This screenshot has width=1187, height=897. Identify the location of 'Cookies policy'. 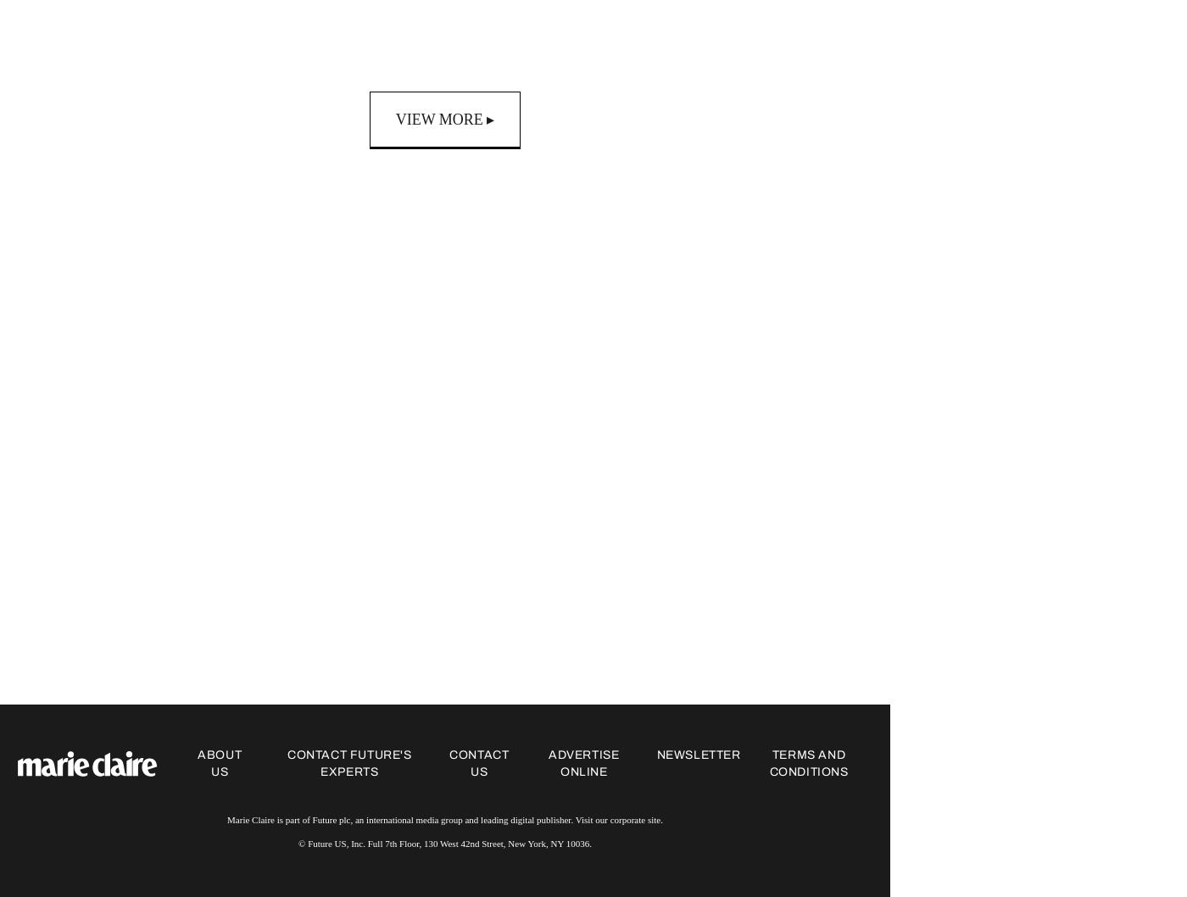
(1043, 763).